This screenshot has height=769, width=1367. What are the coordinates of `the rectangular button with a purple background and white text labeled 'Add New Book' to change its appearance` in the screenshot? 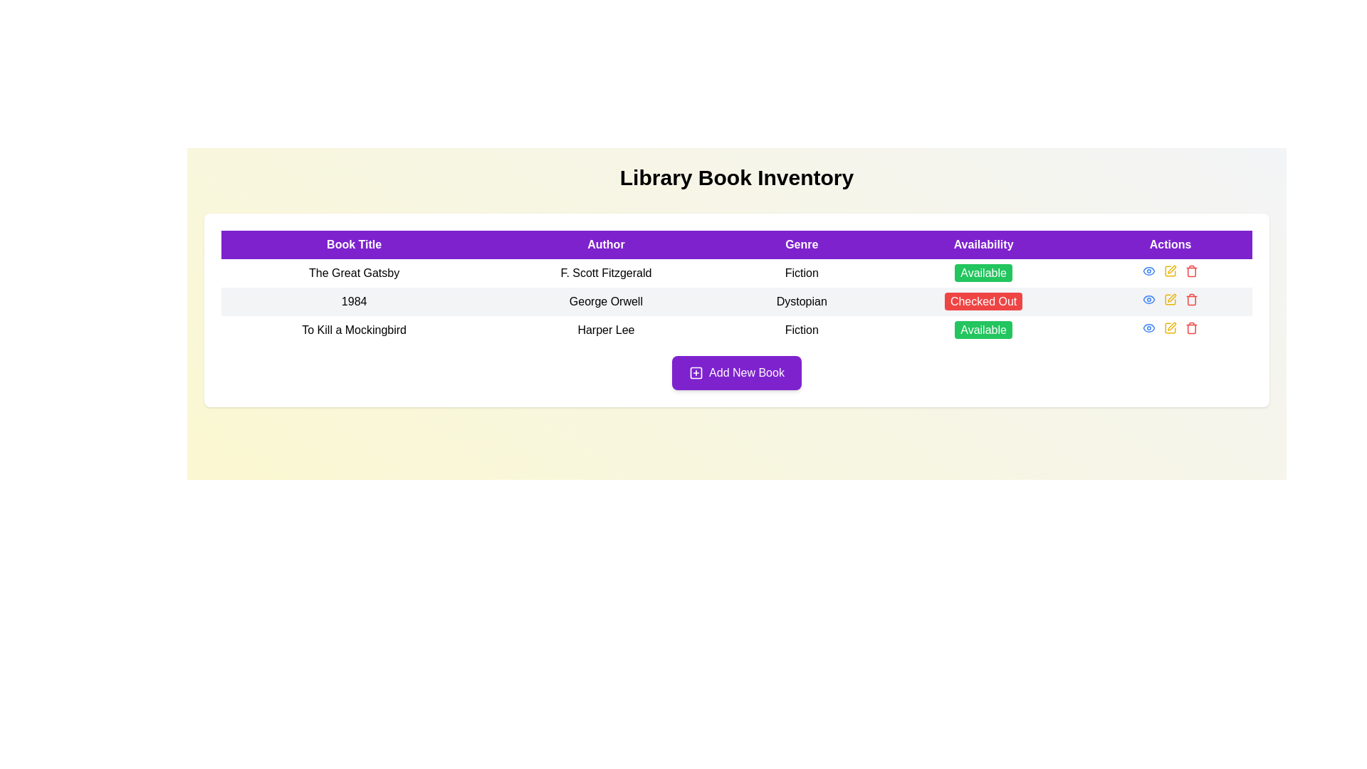 It's located at (737, 372).